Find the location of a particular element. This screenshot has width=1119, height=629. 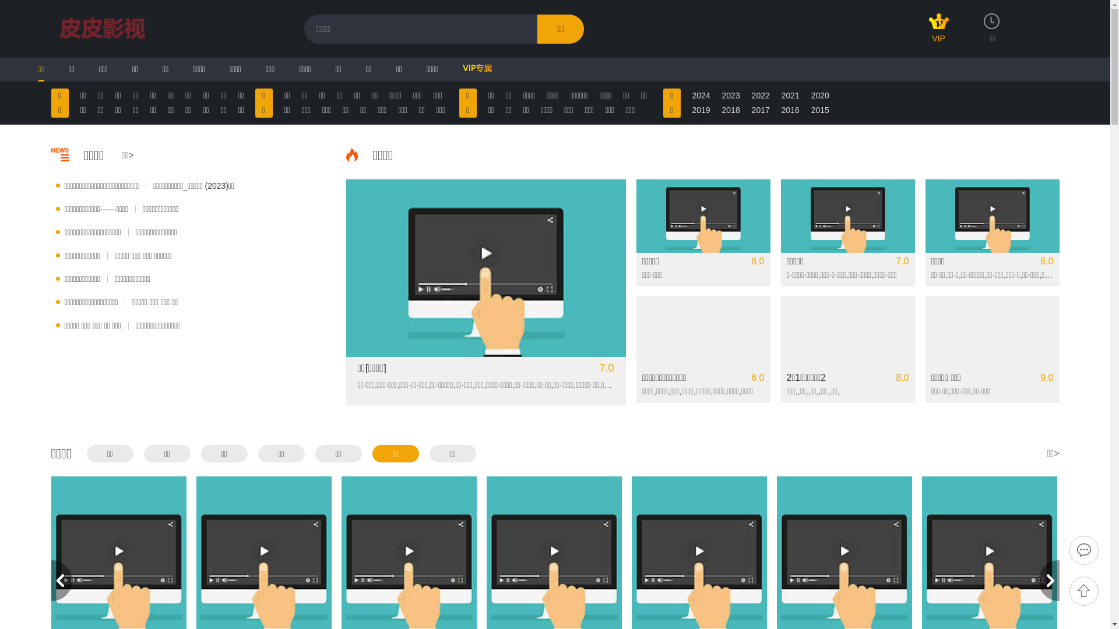

'2020' is located at coordinates (819, 95).